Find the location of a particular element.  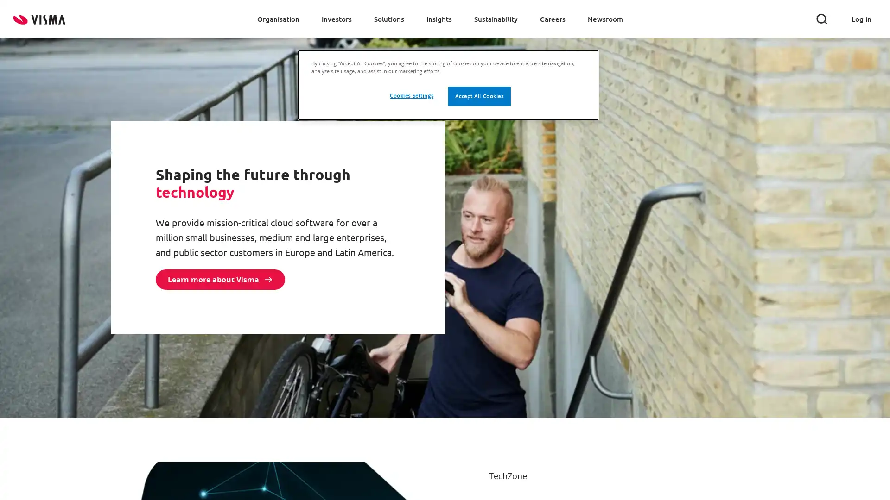

Accept All Cookies is located at coordinates (479, 96).